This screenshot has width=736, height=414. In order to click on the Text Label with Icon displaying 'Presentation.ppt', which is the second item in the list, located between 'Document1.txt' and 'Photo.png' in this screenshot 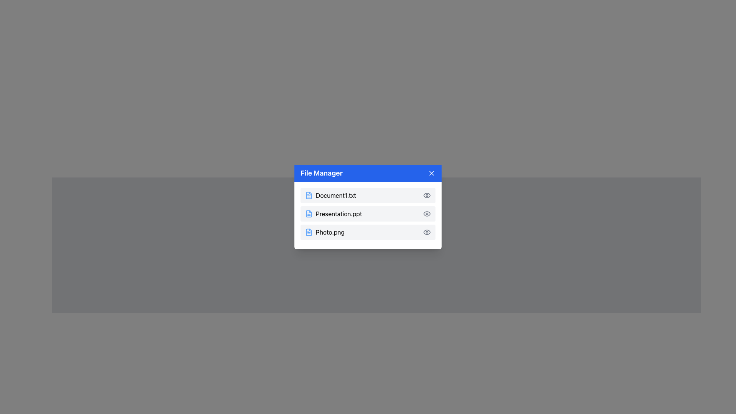, I will do `click(333, 214)`.